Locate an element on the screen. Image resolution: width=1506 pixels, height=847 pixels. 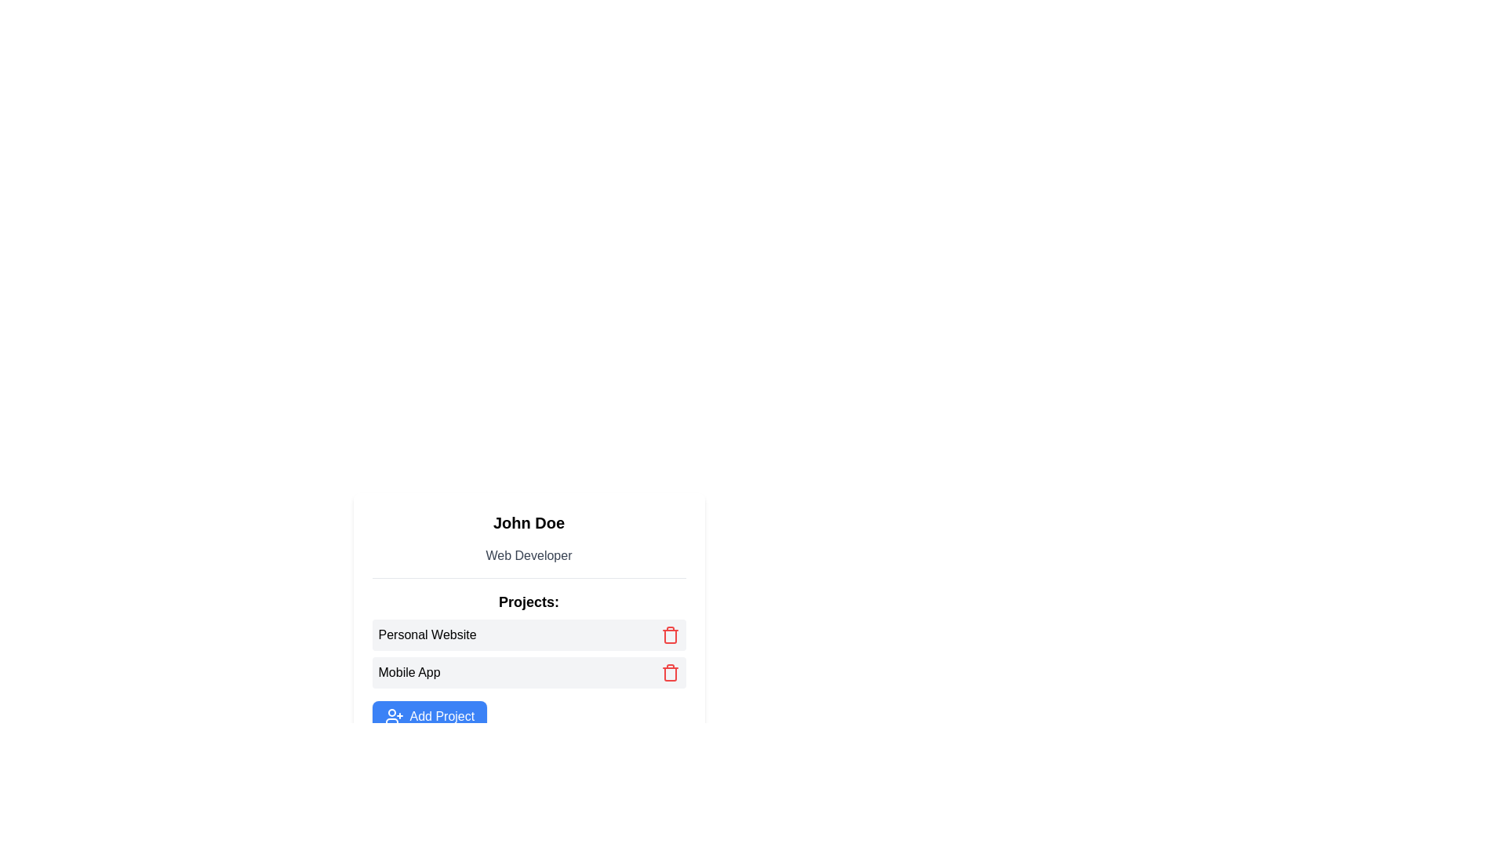
the List item labeled 'Personal Website' with a red trash icon is located at coordinates (529, 635).